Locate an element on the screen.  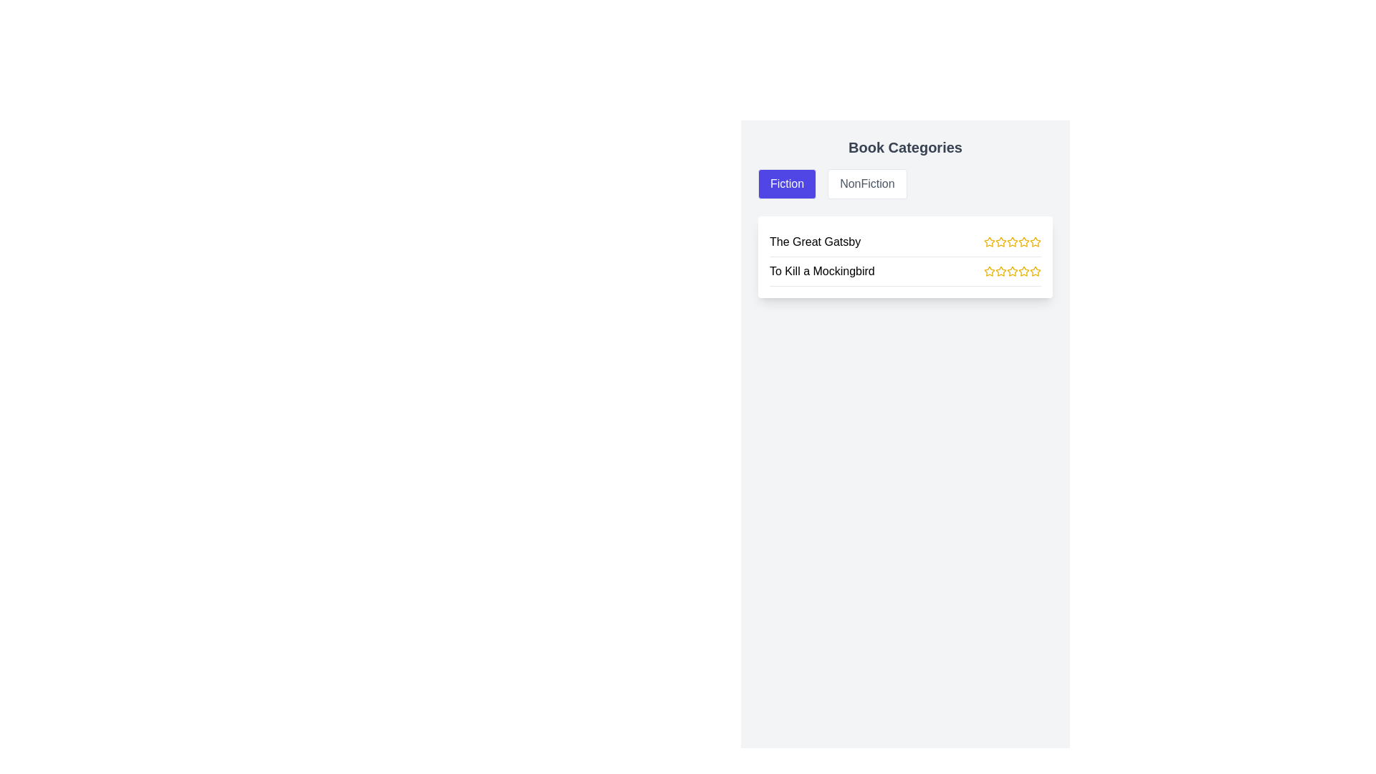
the fifth gold outlined star icon in the rating system for 'The Great Gatsby' is located at coordinates (1035, 241).